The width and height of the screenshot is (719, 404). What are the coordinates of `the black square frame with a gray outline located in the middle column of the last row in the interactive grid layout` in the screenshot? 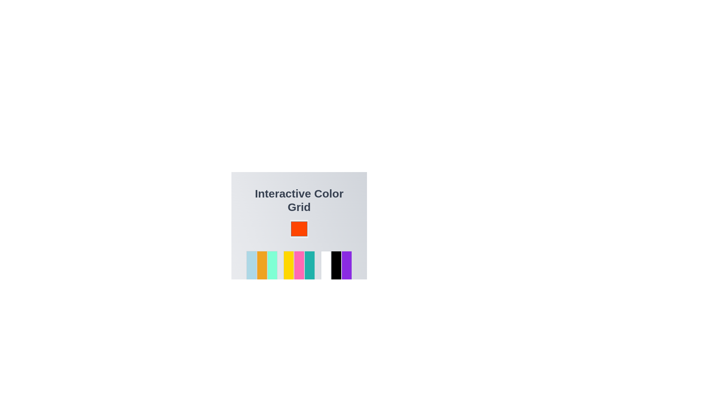 It's located at (336, 265).